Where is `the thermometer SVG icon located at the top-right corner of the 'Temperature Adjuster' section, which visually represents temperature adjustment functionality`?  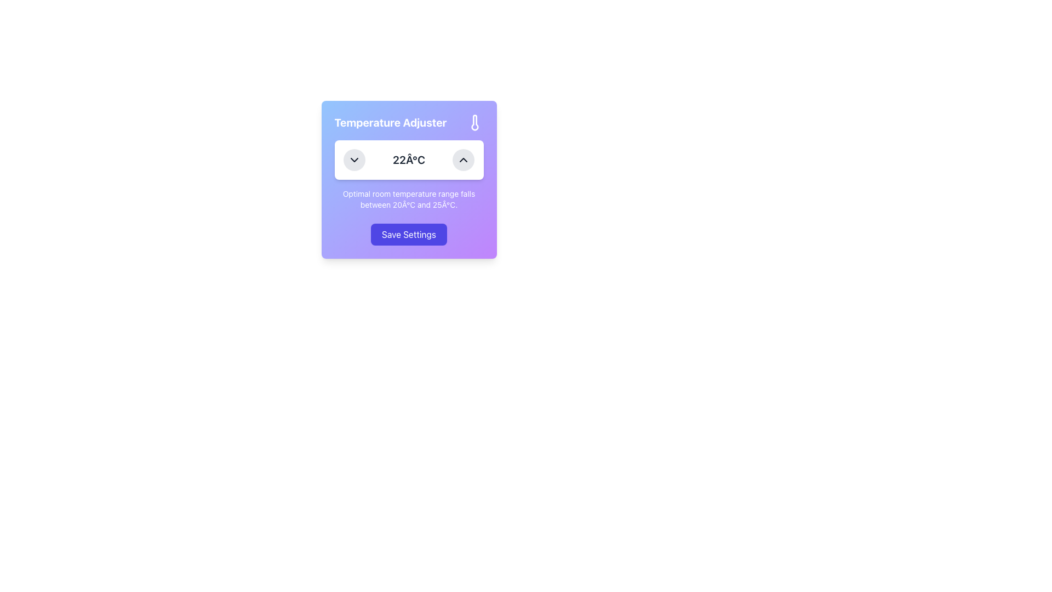
the thermometer SVG icon located at the top-right corner of the 'Temperature Adjuster' section, which visually represents temperature adjustment functionality is located at coordinates (474, 122).